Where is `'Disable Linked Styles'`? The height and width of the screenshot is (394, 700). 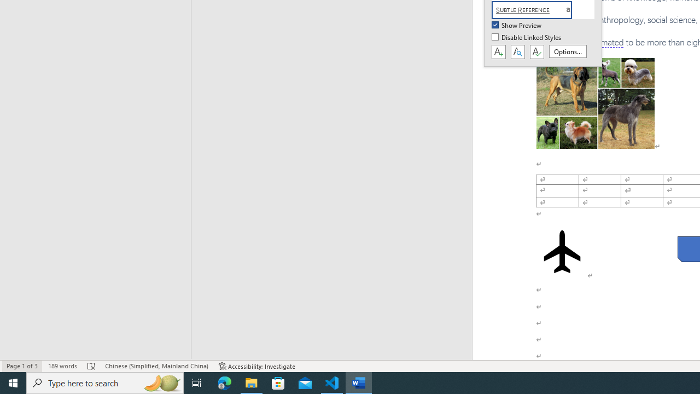
'Disable Linked Styles' is located at coordinates (527, 37).